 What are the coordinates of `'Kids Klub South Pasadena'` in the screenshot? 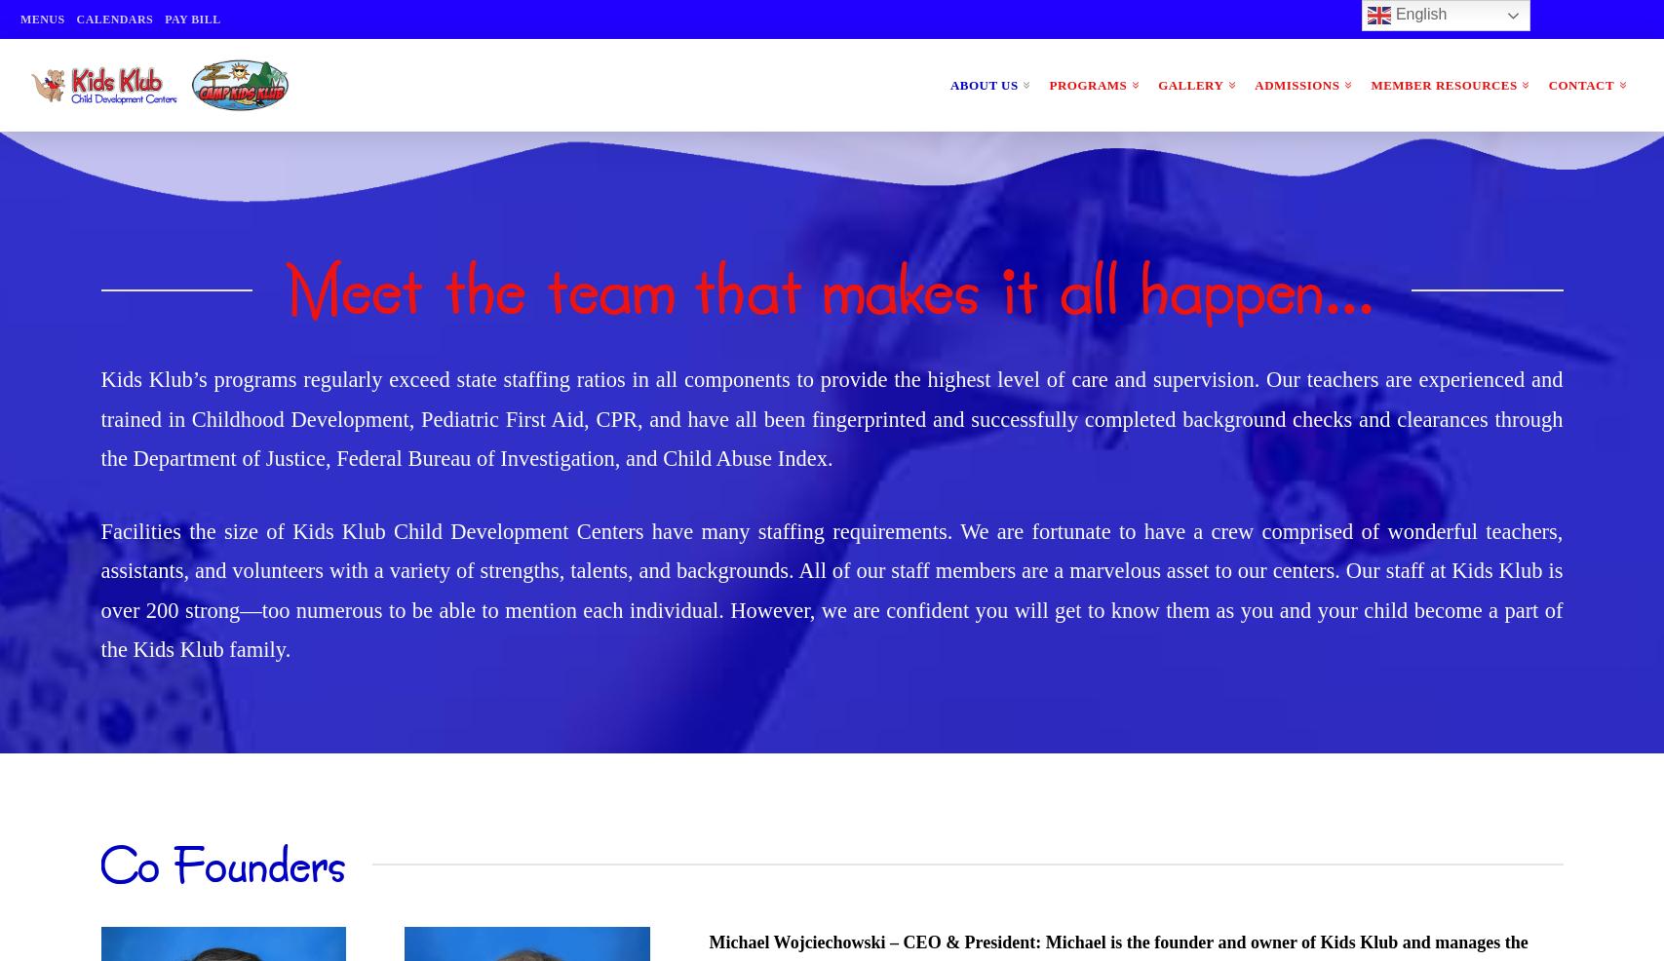 It's located at (1252, 472).